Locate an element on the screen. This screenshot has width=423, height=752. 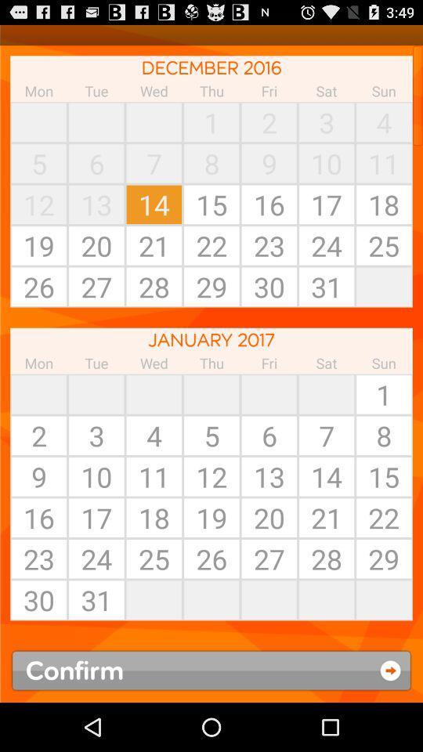
app above the 2 is located at coordinates (96, 393).